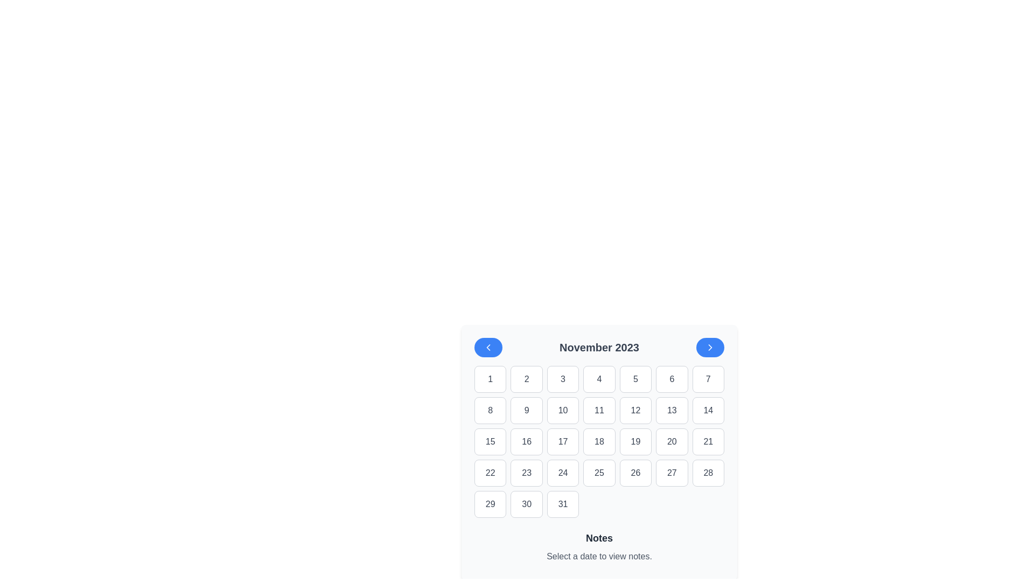 Image resolution: width=1034 pixels, height=582 pixels. I want to click on the selectable day button in the calendar interface, so click(562, 379).